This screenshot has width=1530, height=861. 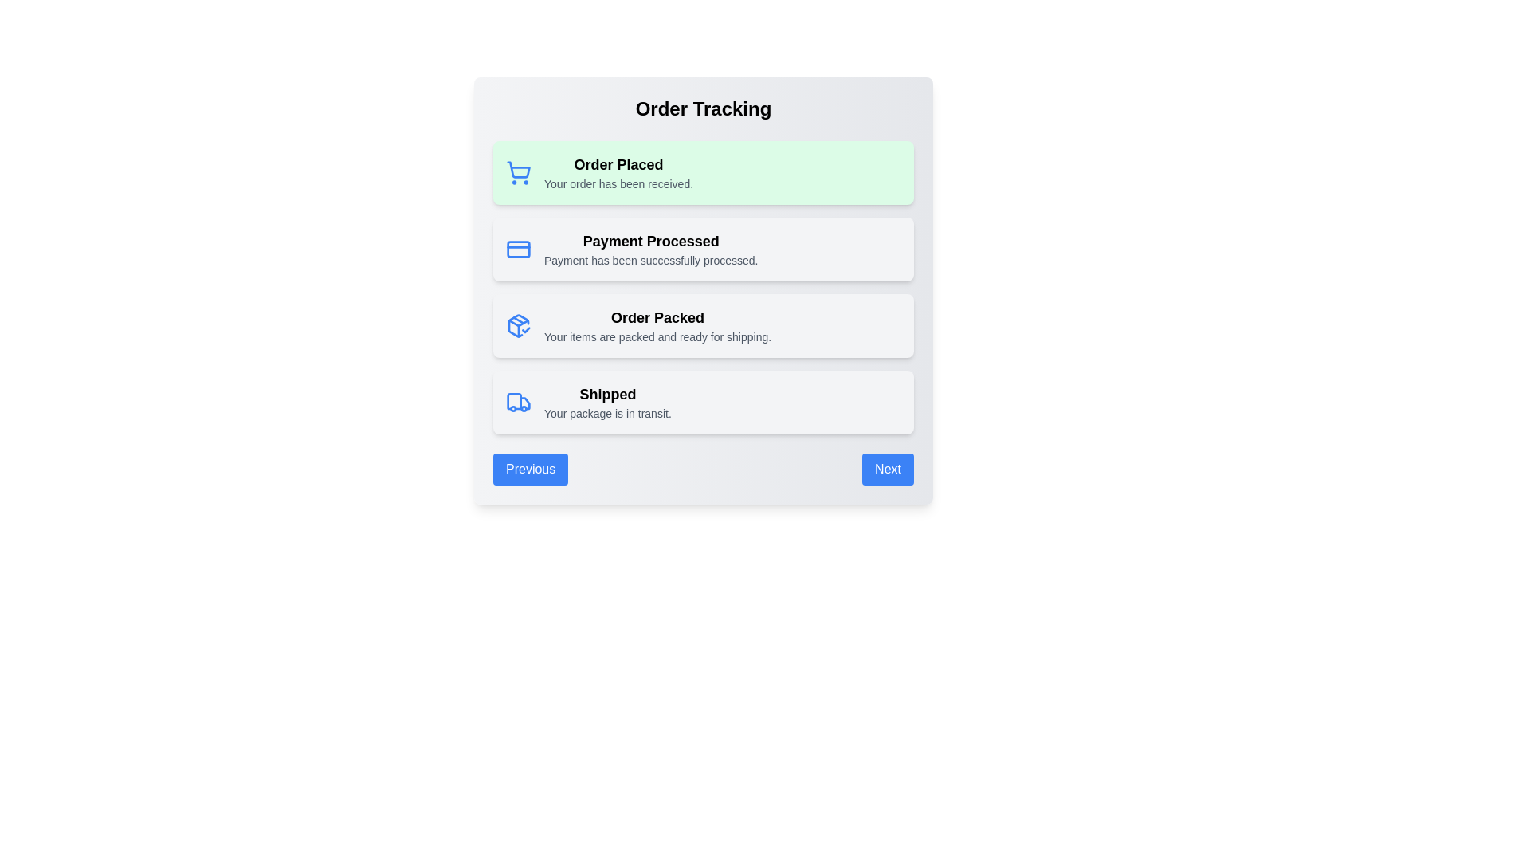 What do you see at coordinates (618, 183) in the screenshot?
I see `text label stating 'Your order has been received.' positioned directly below the bolded title 'Order Placed' in the order status details card` at bounding box center [618, 183].